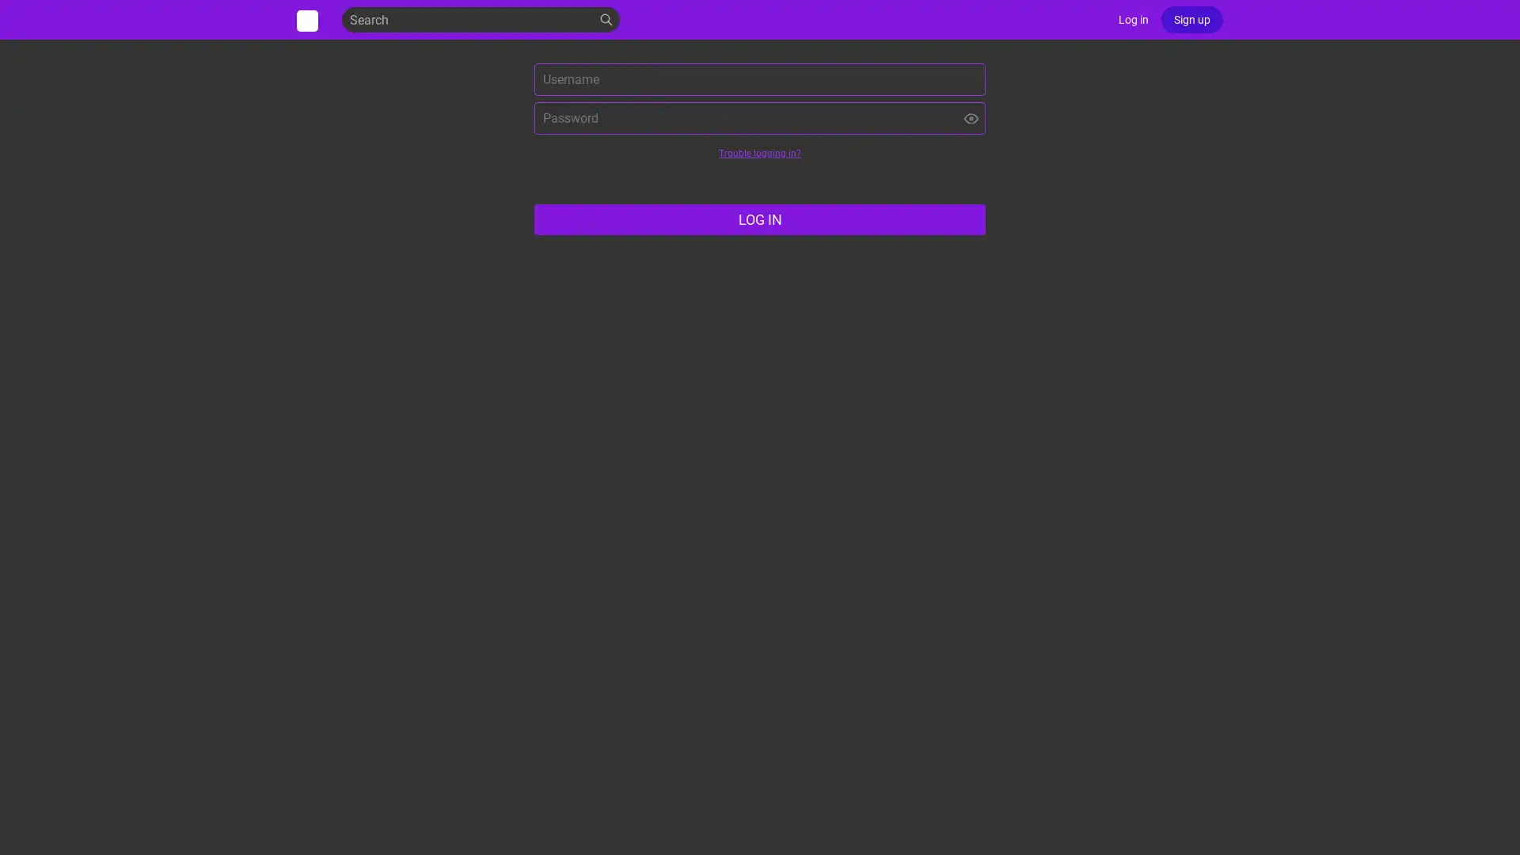  What do you see at coordinates (971, 117) in the screenshot?
I see `Show password` at bounding box center [971, 117].